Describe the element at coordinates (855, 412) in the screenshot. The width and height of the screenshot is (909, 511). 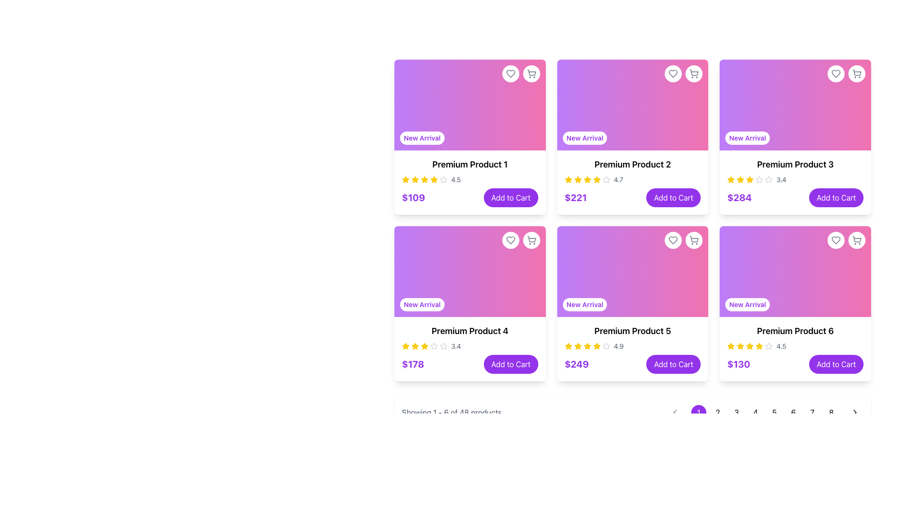
I see `the small, right-facing chevron arrow icon located at the bottom-right corner of the interface, adjacent to pagination controls` at that location.